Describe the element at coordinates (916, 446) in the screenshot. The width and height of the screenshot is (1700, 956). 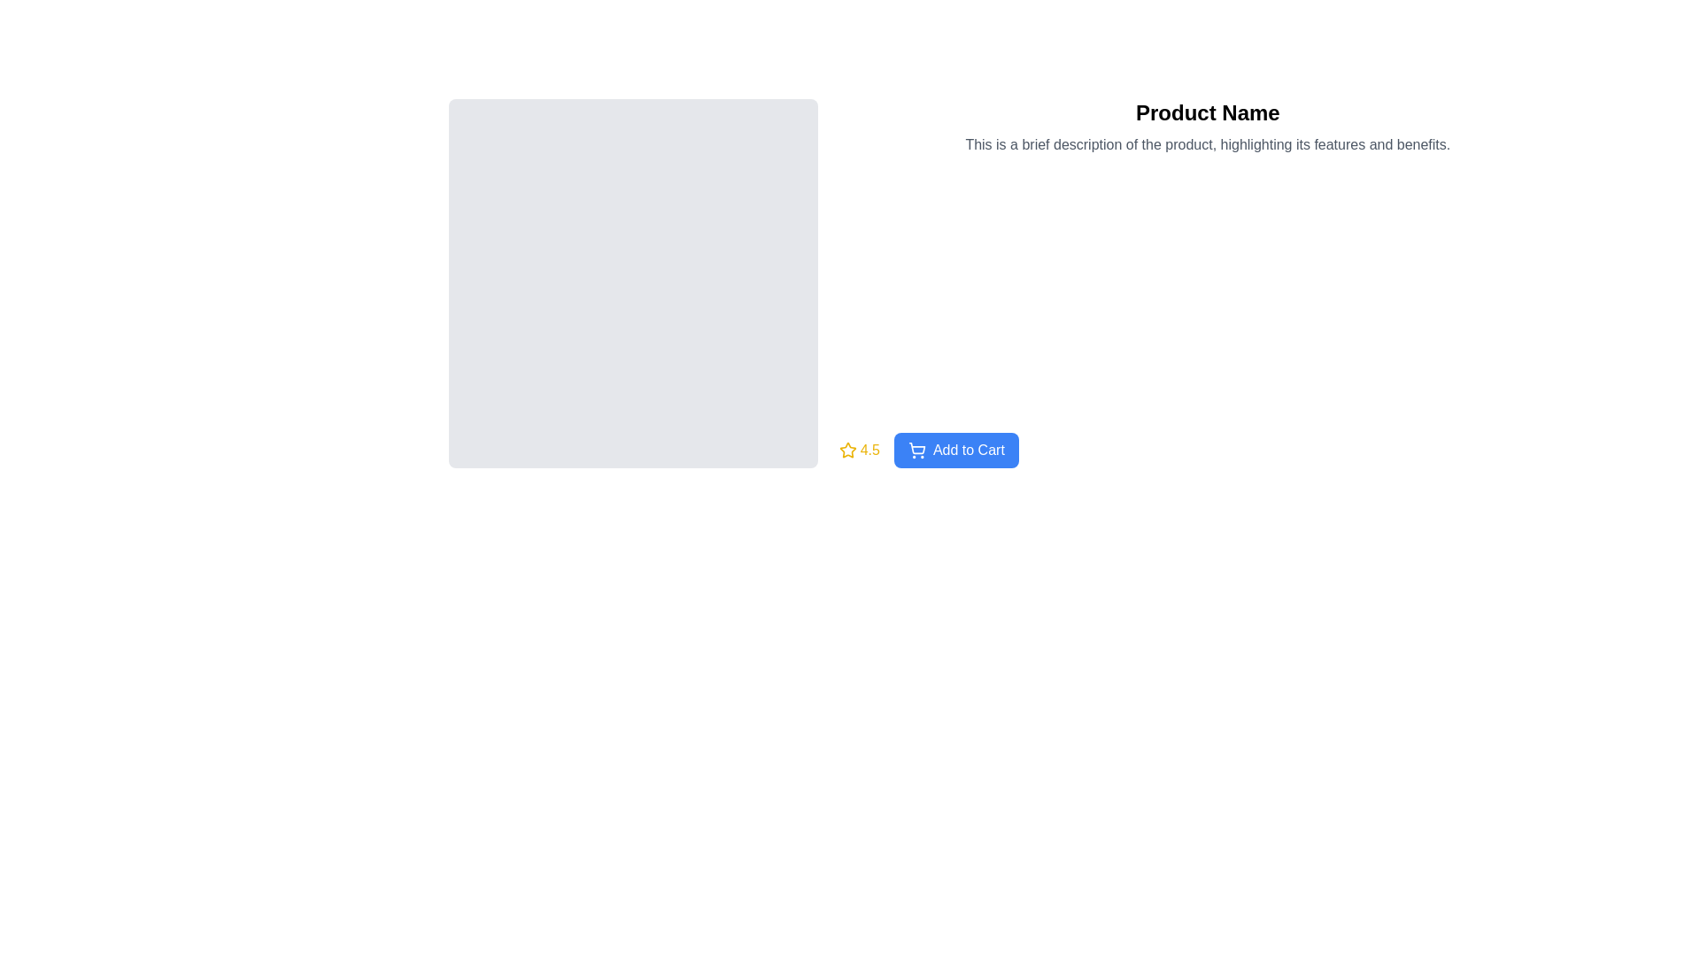
I see `the shopping cart icon located on the right side of the interface, adjacent to the 'Add to Cart' button` at that location.